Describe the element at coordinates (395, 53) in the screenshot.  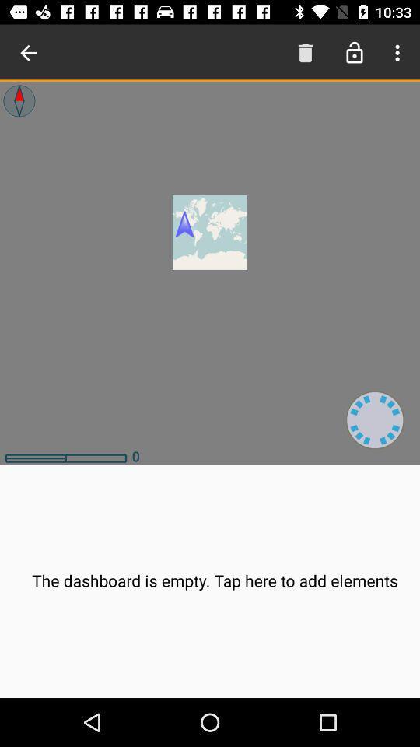
I see `open the menu` at that location.